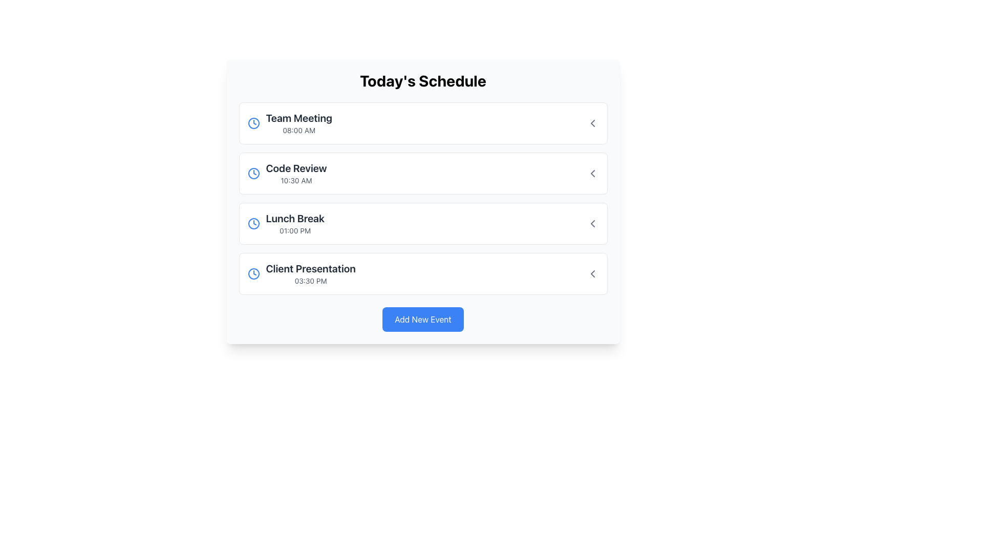 This screenshot has width=983, height=553. I want to click on the static text displaying '03:30 PM', which is styled in a smaller font and lighter gray color, located beneath the 'Client Presentation' title in the schedule list, so click(310, 281).